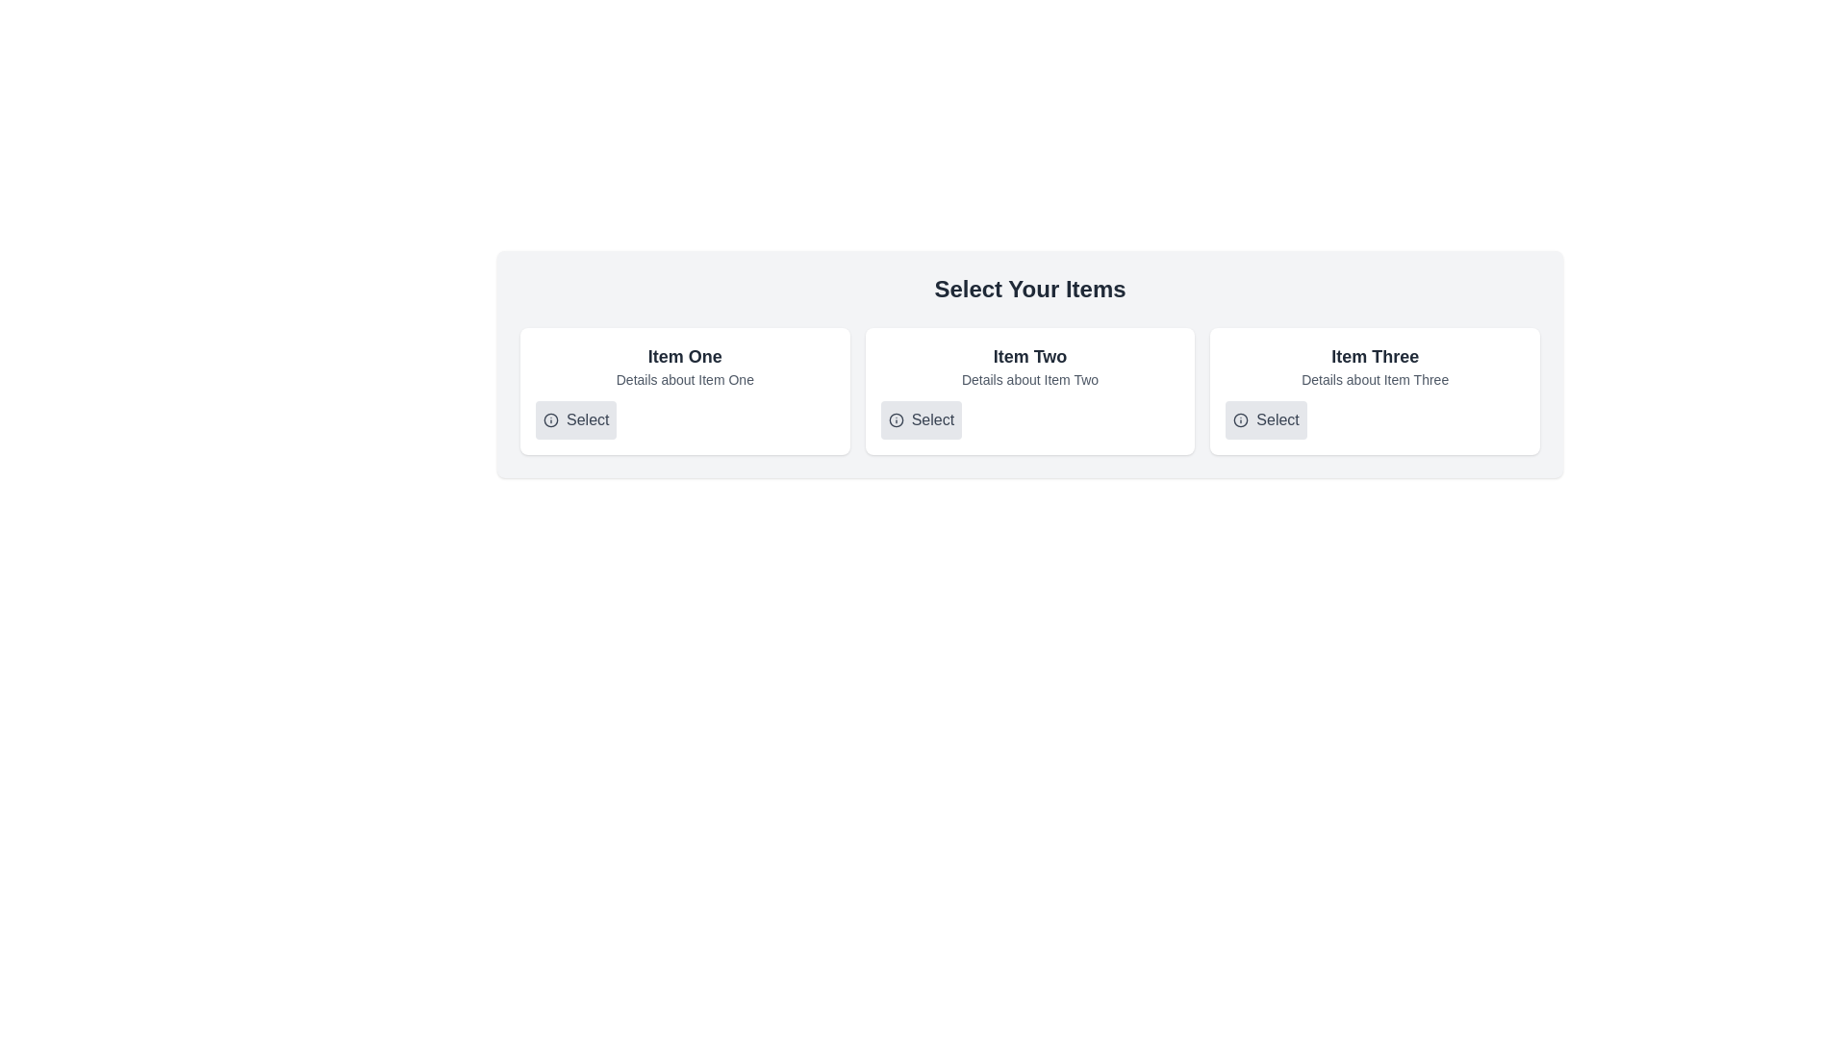 The image size is (1847, 1039). What do you see at coordinates (1374, 356) in the screenshot?
I see `the text label displaying 'Item Three' which is located at the top of the third card in a horizontal arrangement of three cards` at bounding box center [1374, 356].